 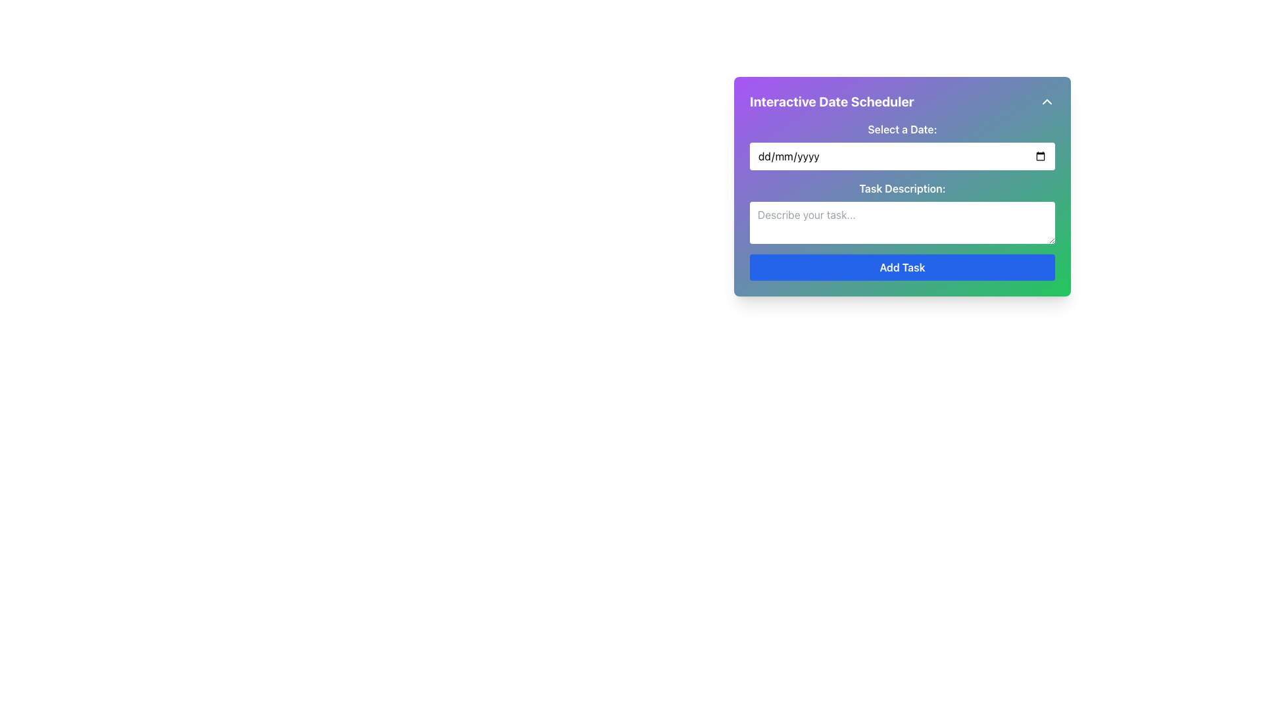 I want to click on the arrow icon on the Card title at the top of the card layout, so click(x=902, y=101).